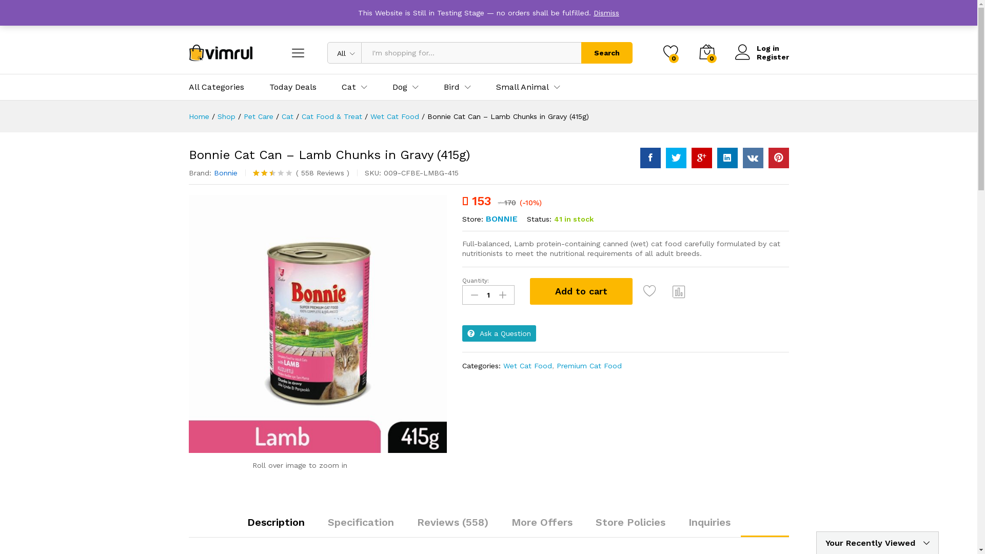  I want to click on 'Bird', so click(451, 86).